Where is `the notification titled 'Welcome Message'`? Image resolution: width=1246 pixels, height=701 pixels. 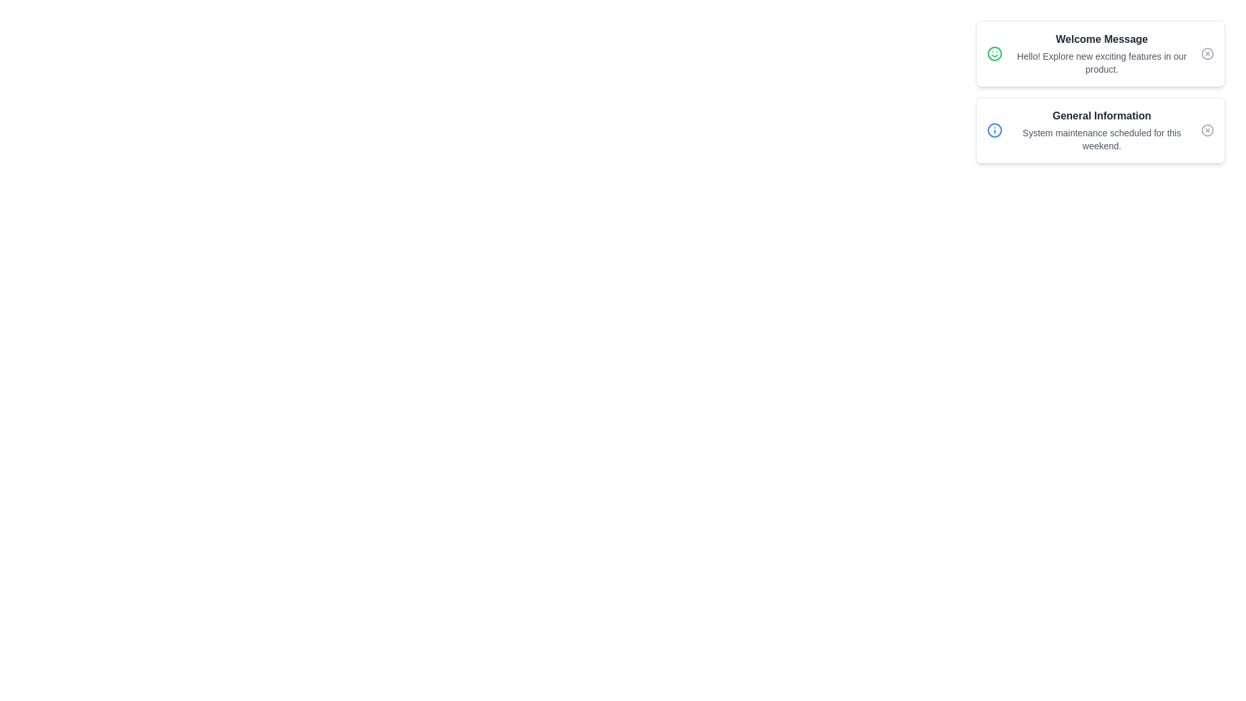 the notification titled 'Welcome Message' is located at coordinates (1099, 53).